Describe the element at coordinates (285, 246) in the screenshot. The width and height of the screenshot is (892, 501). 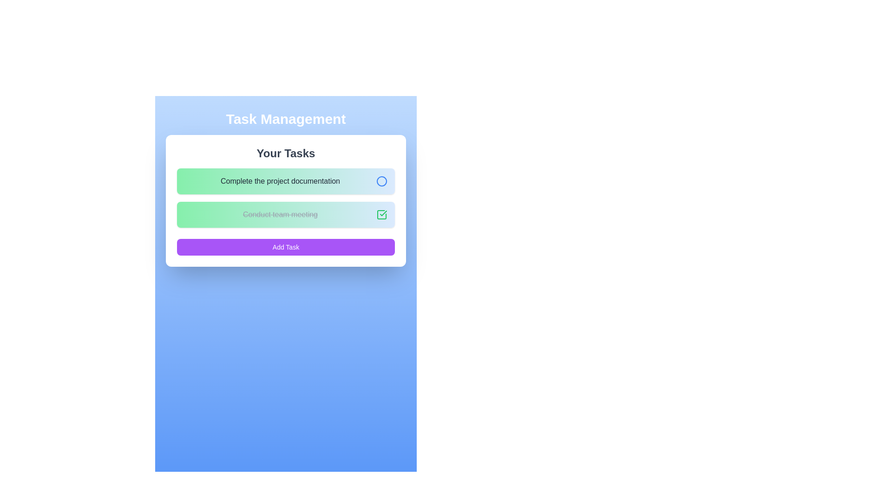
I see `the 'Add Task' button with vibrant purple background and white text` at that location.